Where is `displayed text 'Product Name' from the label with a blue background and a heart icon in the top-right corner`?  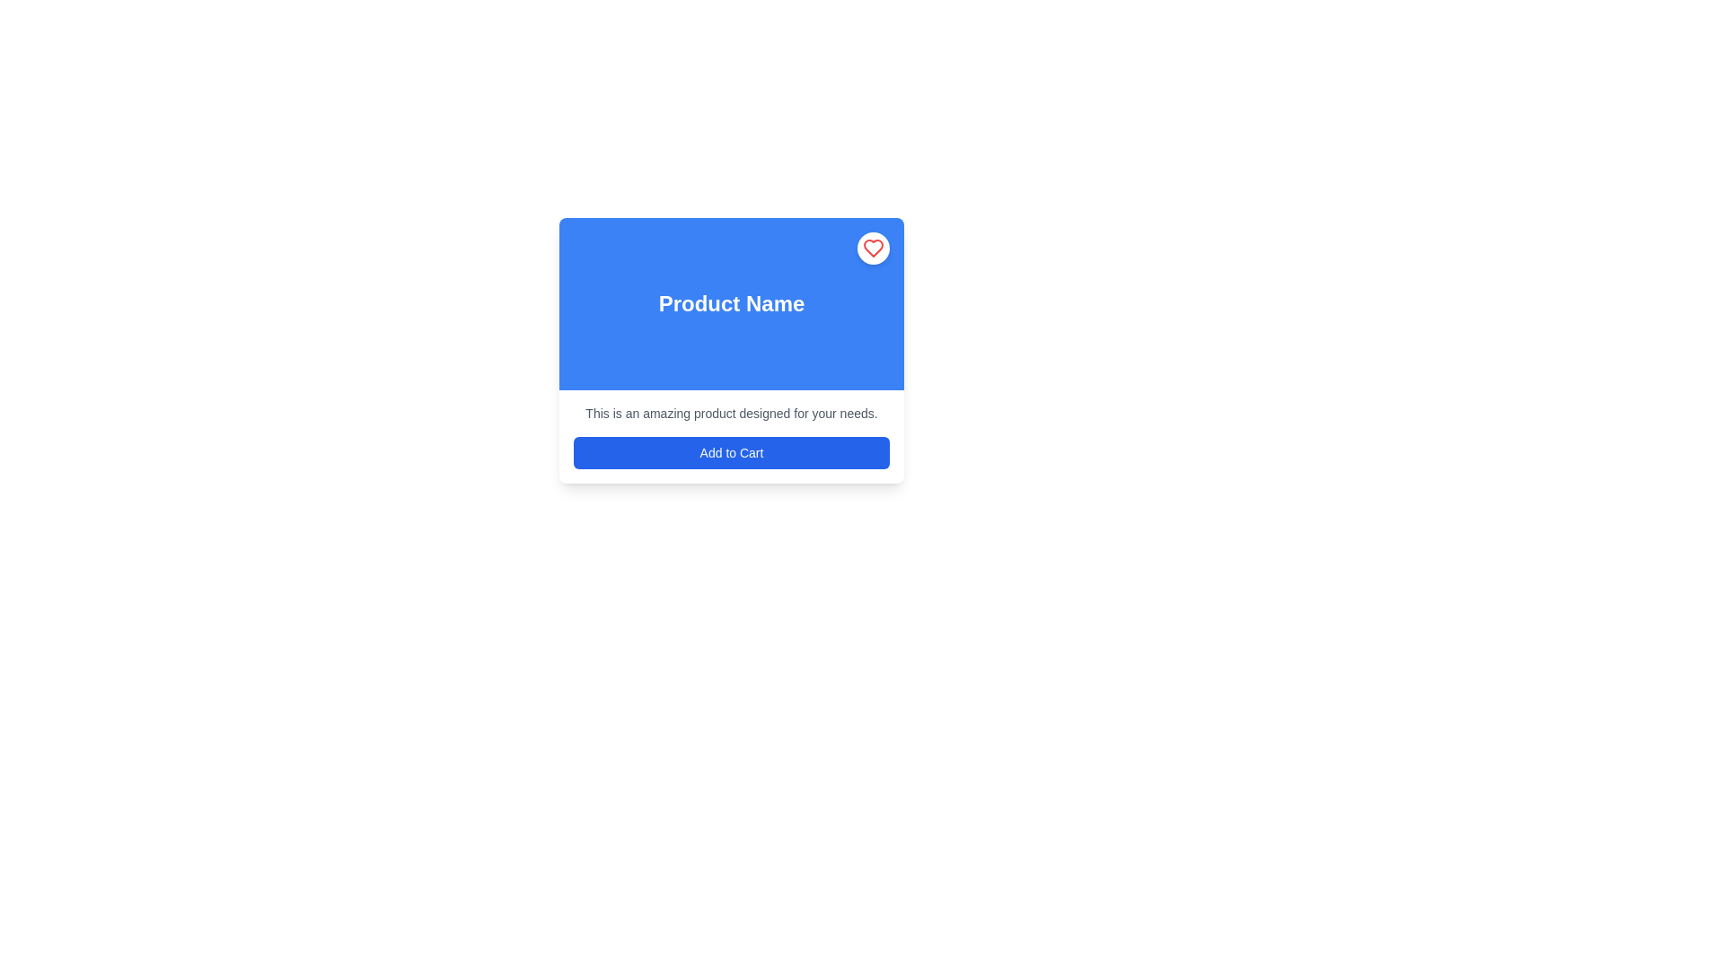 displayed text 'Product Name' from the label with a blue background and a heart icon in the top-right corner is located at coordinates (732, 303).